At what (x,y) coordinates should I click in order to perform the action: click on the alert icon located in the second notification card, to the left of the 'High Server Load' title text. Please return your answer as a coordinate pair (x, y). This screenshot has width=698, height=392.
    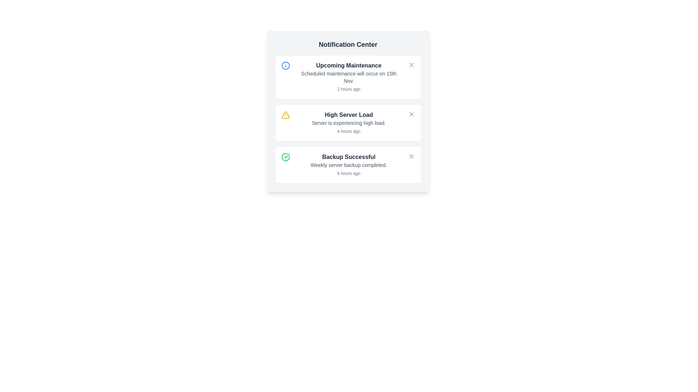
    Looking at the image, I should click on (285, 114).